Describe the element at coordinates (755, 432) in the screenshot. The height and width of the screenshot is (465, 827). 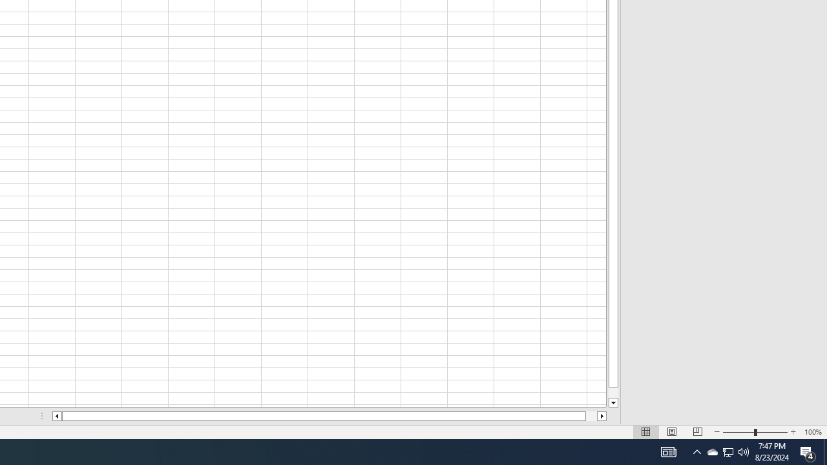
I see `'Zoom'` at that location.